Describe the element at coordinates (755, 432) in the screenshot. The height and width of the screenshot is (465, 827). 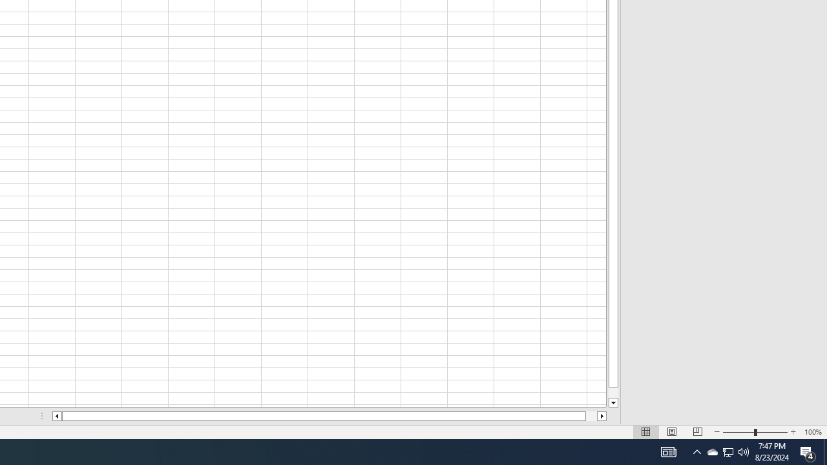
I see `'Zoom'` at that location.